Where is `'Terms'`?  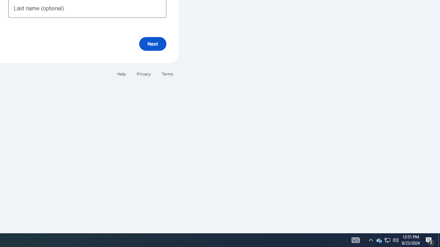 'Terms' is located at coordinates (167, 74).